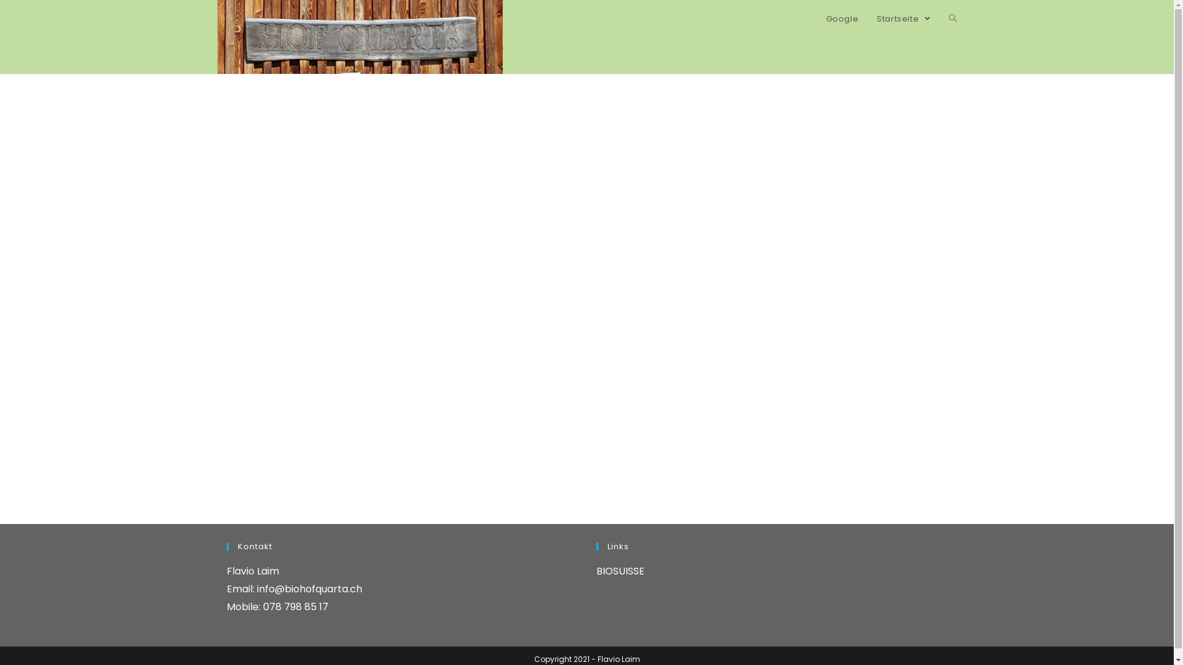 The height and width of the screenshot is (665, 1183). Describe the element at coordinates (842, 18) in the screenshot. I see `'Google'` at that location.